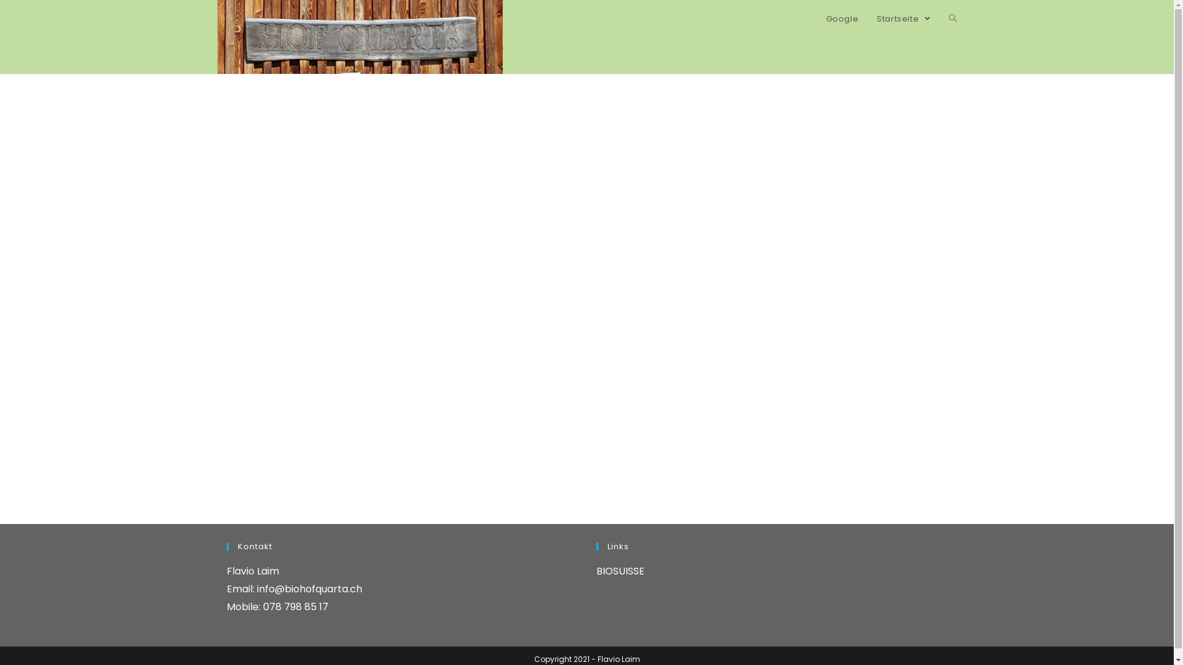 The height and width of the screenshot is (665, 1183). Describe the element at coordinates (842, 18) in the screenshot. I see `'Google'` at that location.